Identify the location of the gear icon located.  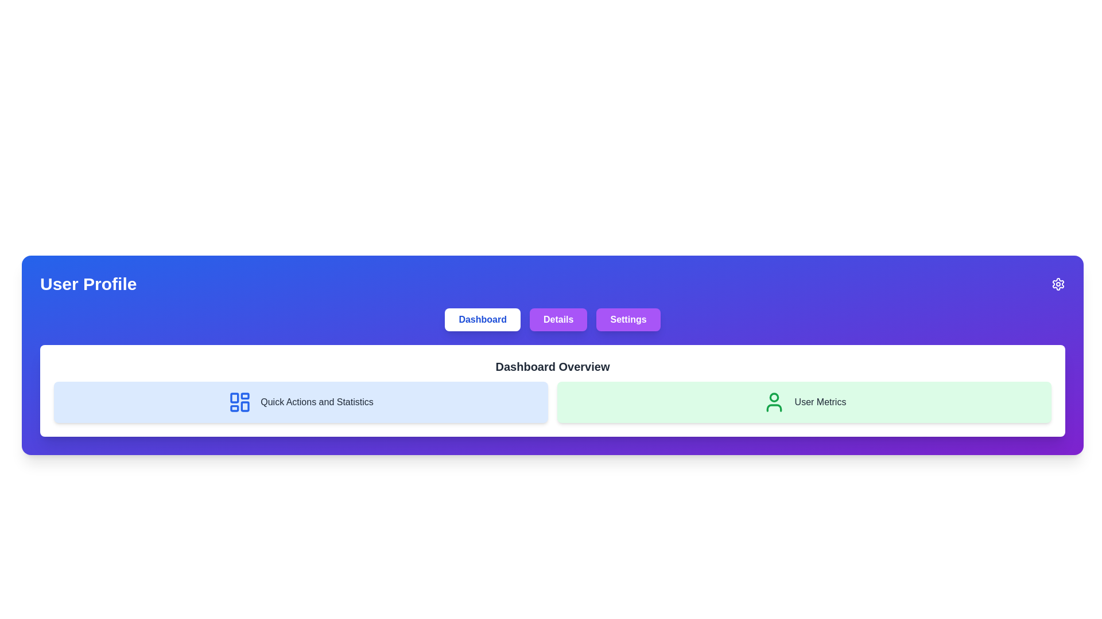
(1057, 284).